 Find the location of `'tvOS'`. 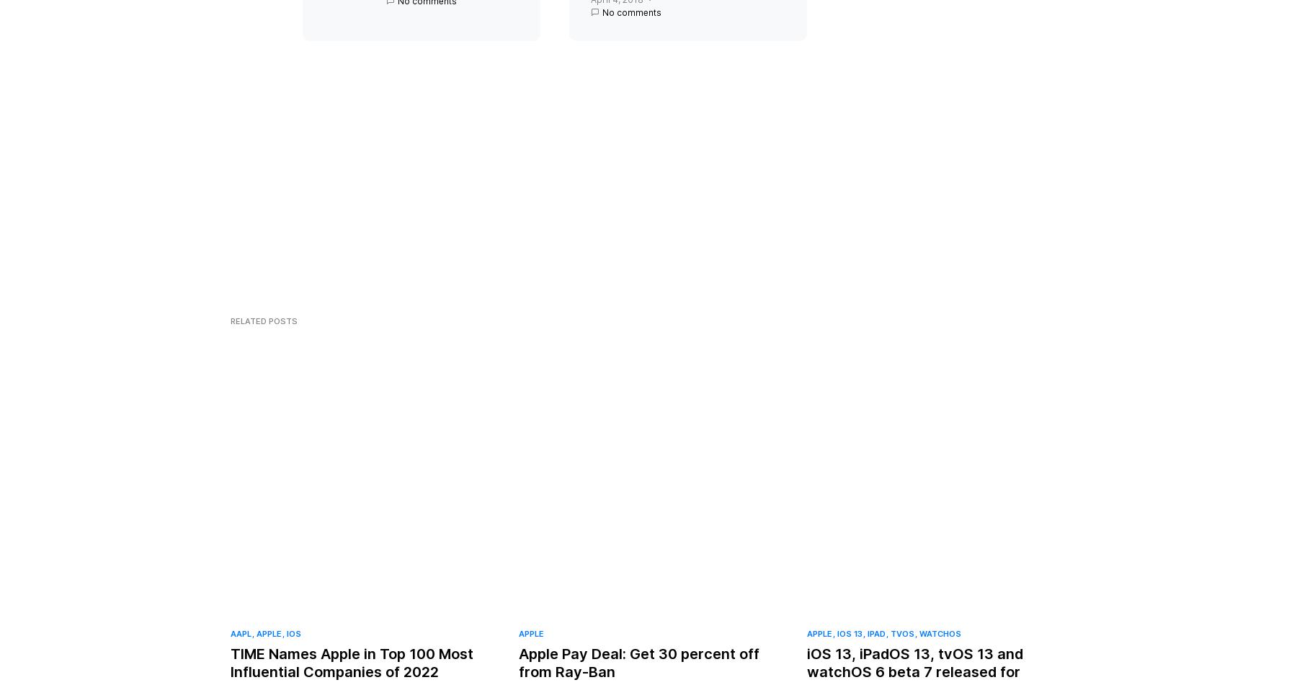

'tvOS' is located at coordinates (902, 646).